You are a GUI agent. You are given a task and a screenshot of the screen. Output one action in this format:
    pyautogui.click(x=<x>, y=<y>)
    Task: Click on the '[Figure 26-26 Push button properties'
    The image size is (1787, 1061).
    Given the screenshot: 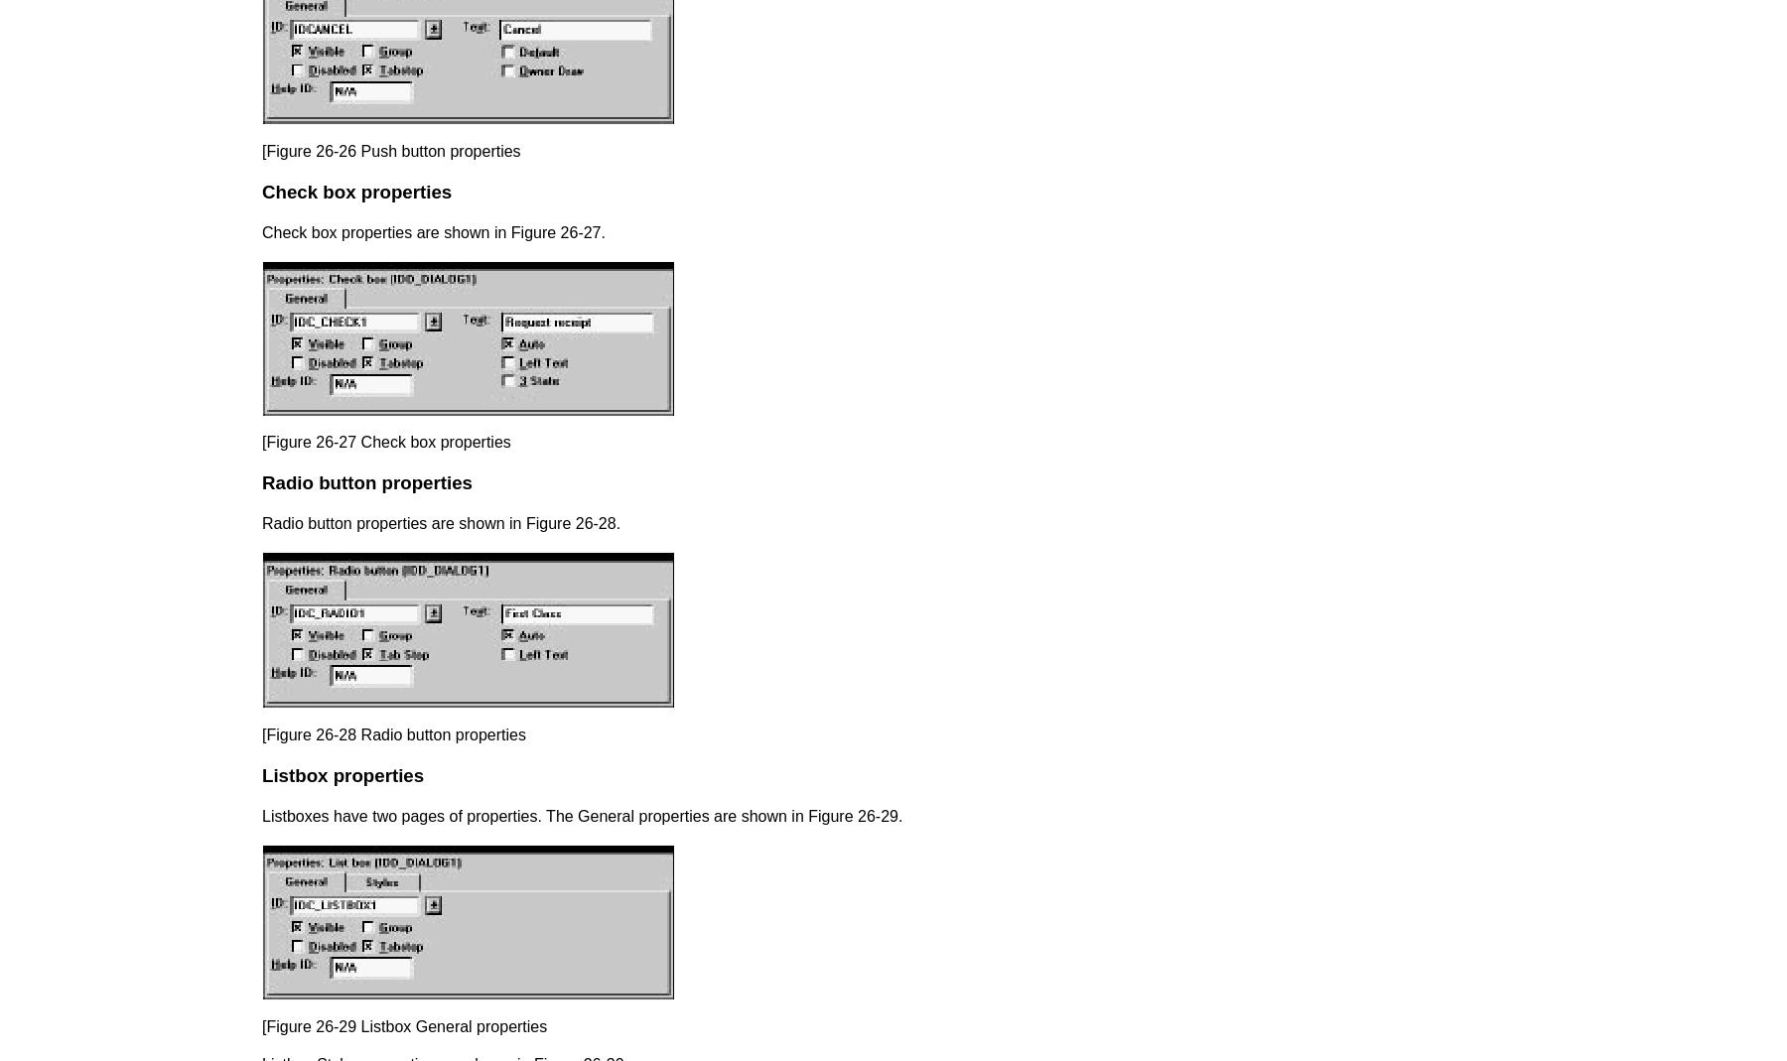 What is the action you would take?
    pyautogui.click(x=391, y=150)
    